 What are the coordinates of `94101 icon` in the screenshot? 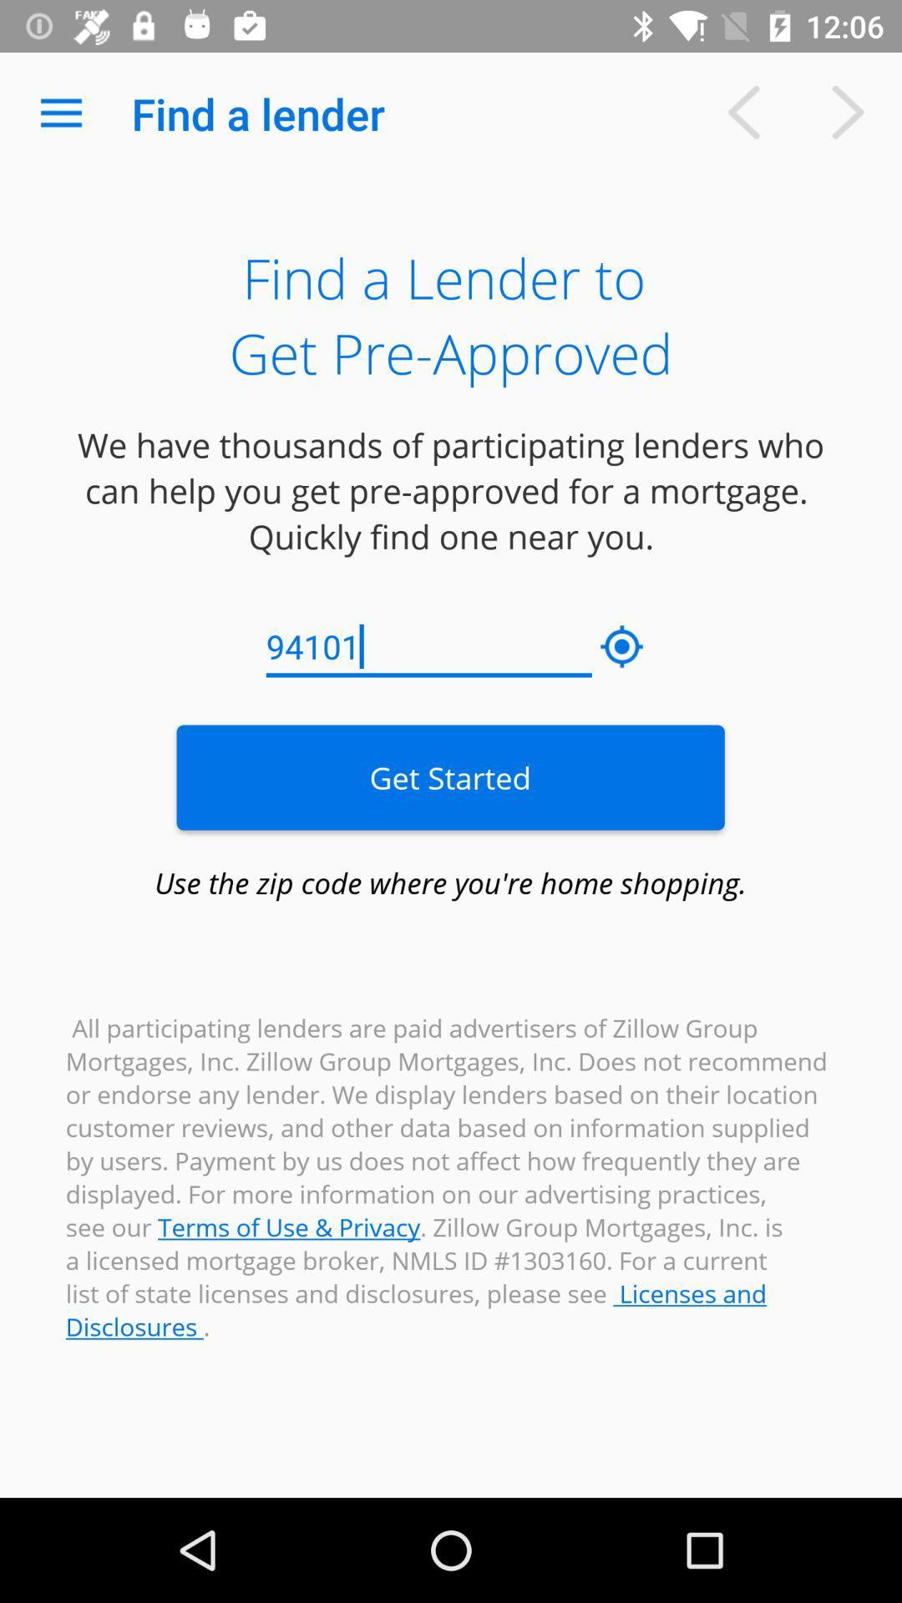 It's located at (428, 646).